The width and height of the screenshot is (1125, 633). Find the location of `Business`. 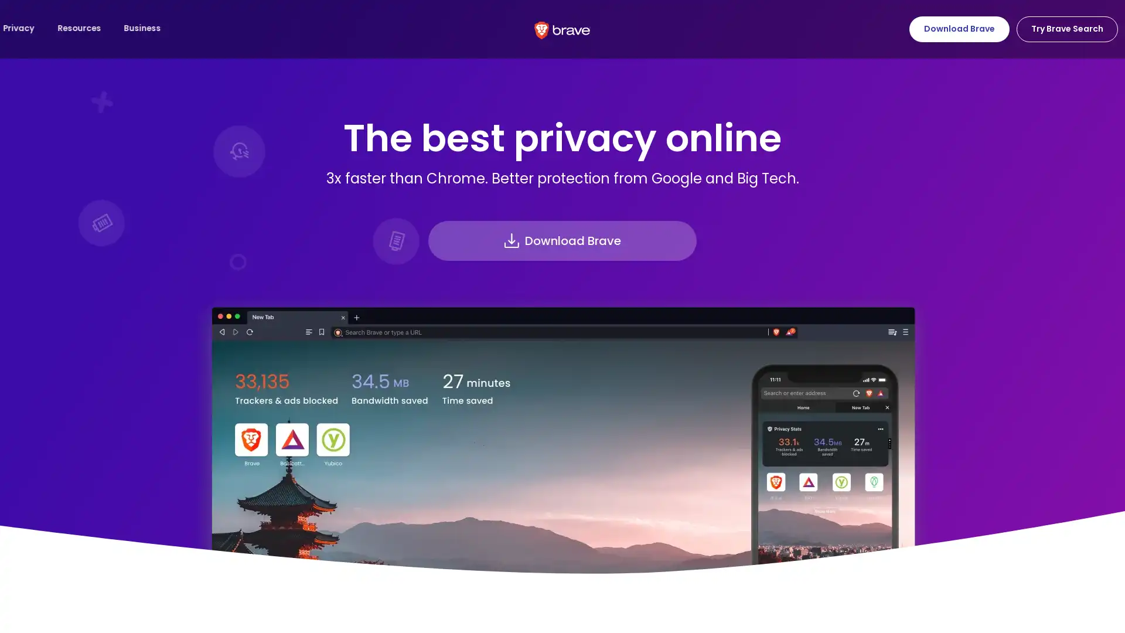

Business is located at coordinates (275, 28).